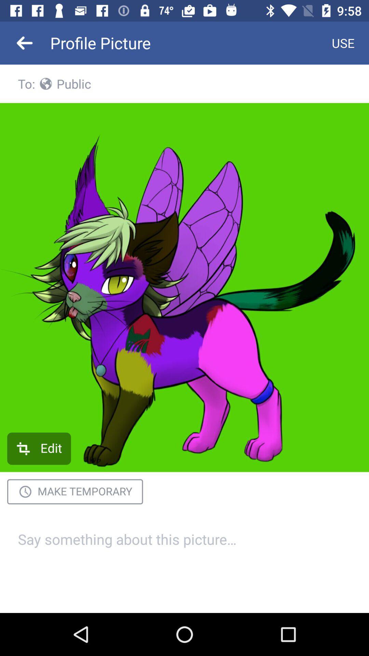 The image size is (369, 656). I want to click on the icon next to the profile picture item, so click(343, 42).